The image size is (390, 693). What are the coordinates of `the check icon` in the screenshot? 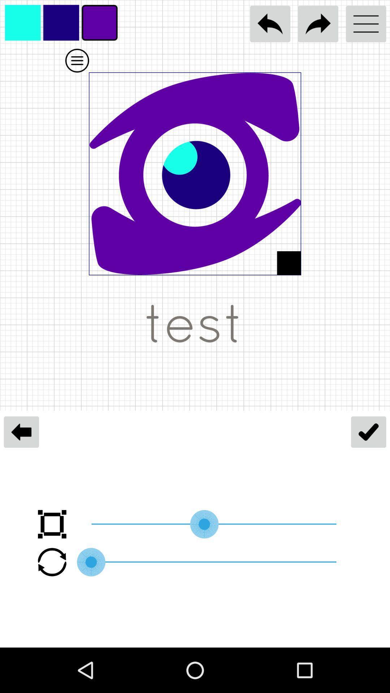 It's located at (368, 432).